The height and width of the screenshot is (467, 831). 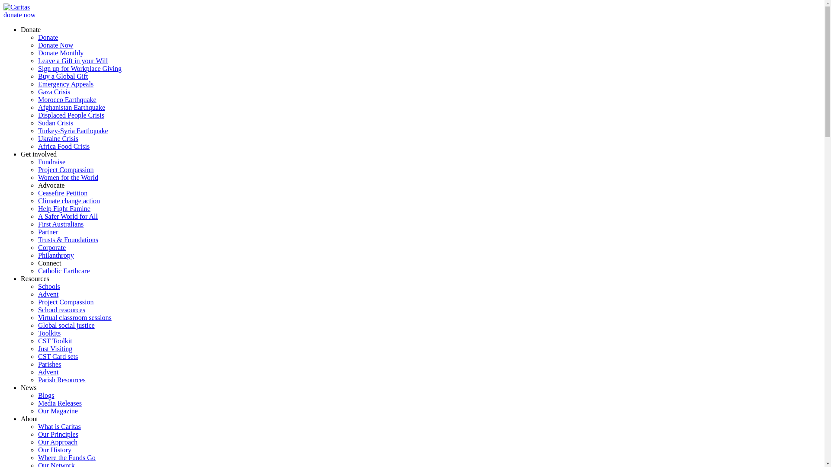 What do you see at coordinates (48, 371) in the screenshot?
I see `'Advent'` at bounding box center [48, 371].